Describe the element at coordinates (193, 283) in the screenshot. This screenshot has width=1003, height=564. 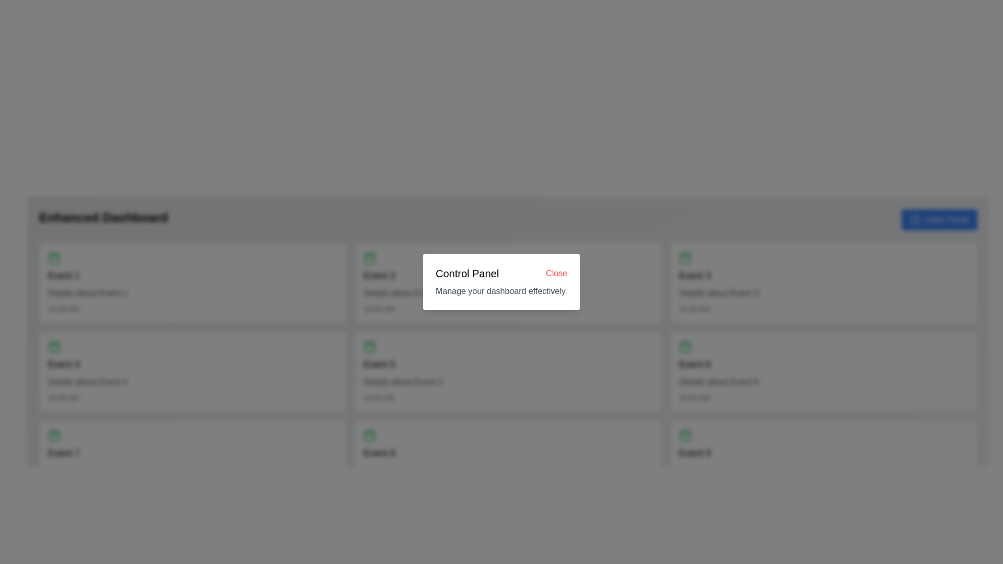
I see `the first informational card or tile displaying event details in the top-left corner of the grid layout` at that location.